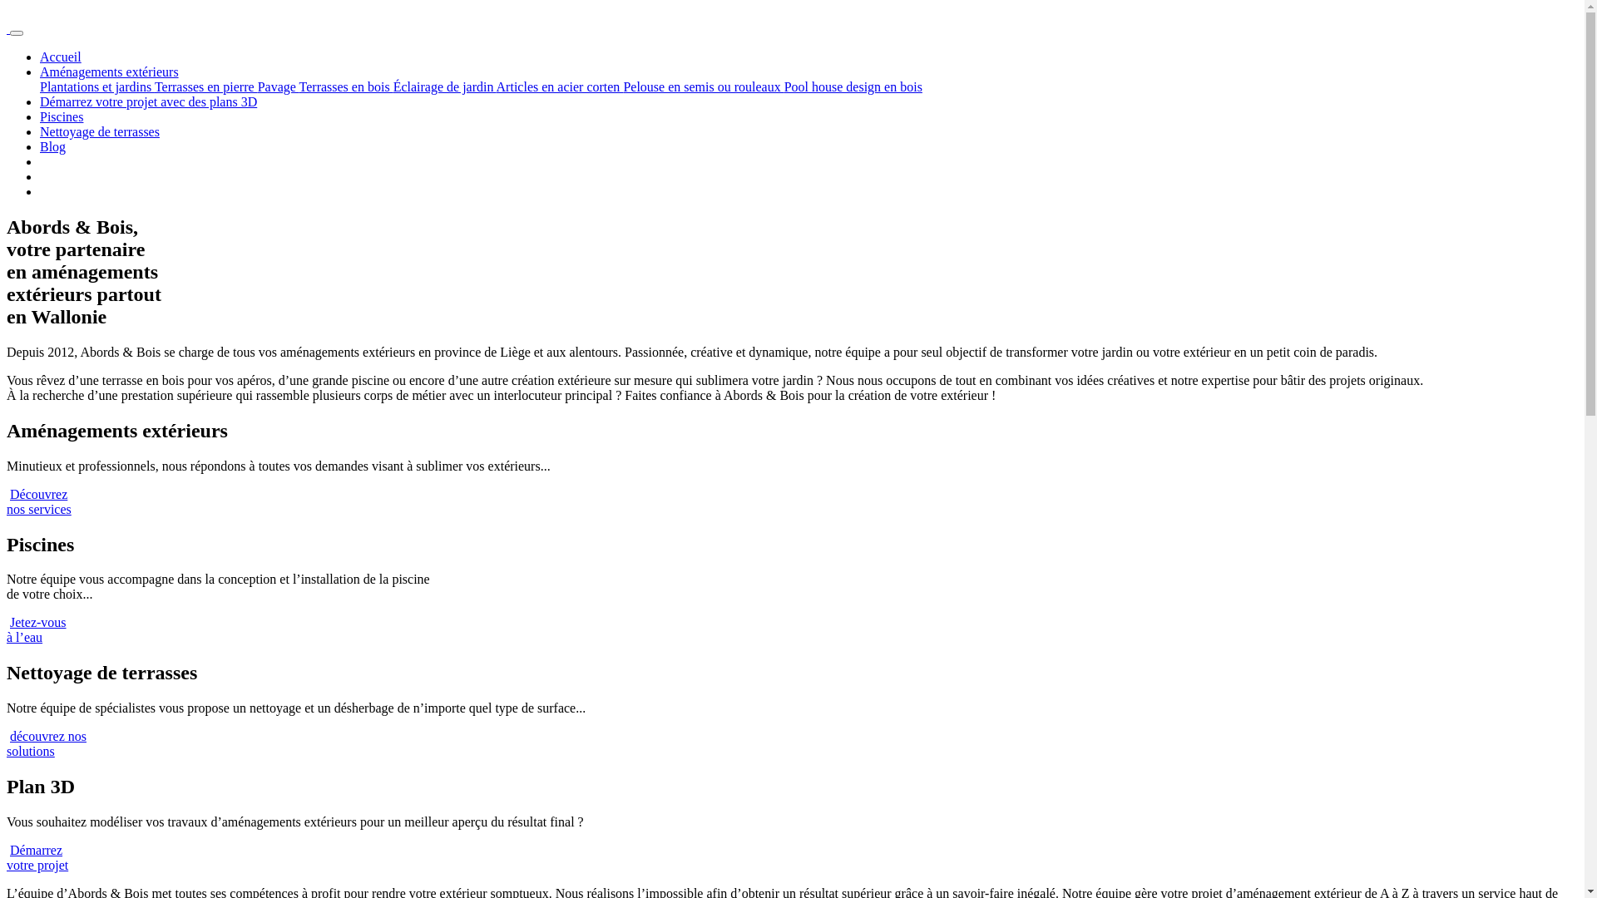 Image resolution: width=1597 pixels, height=898 pixels. Describe the element at coordinates (621, 86) in the screenshot. I see `'Pelouse en semis ou rouleaux'` at that location.